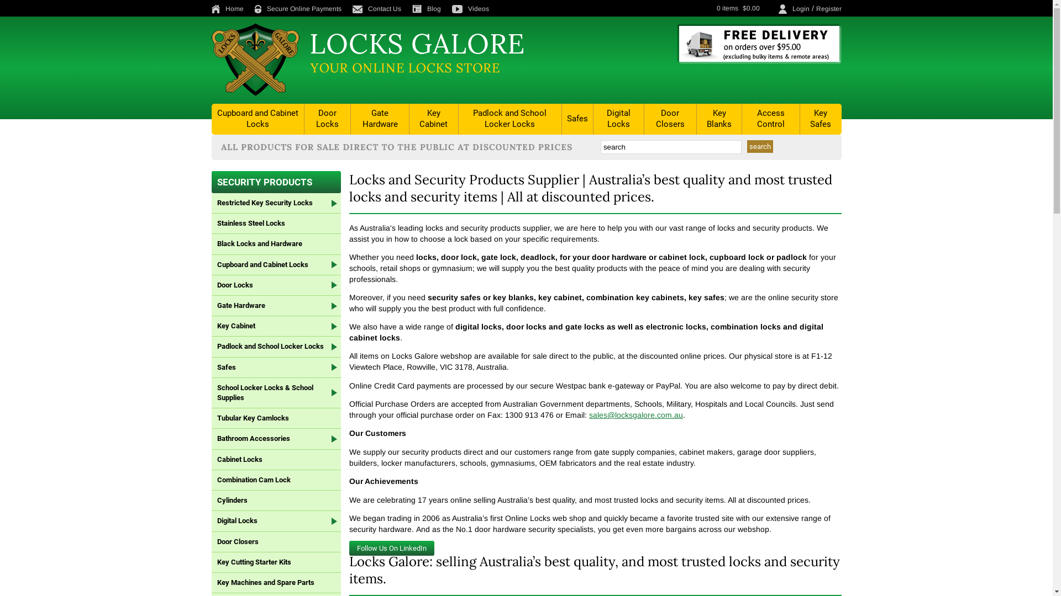 This screenshot has width=1061, height=596. What do you see at coordinates (276, 582) in the screenshot?
I see `'Key Machines and Spare Parts'` at bounding box center [276, 582].